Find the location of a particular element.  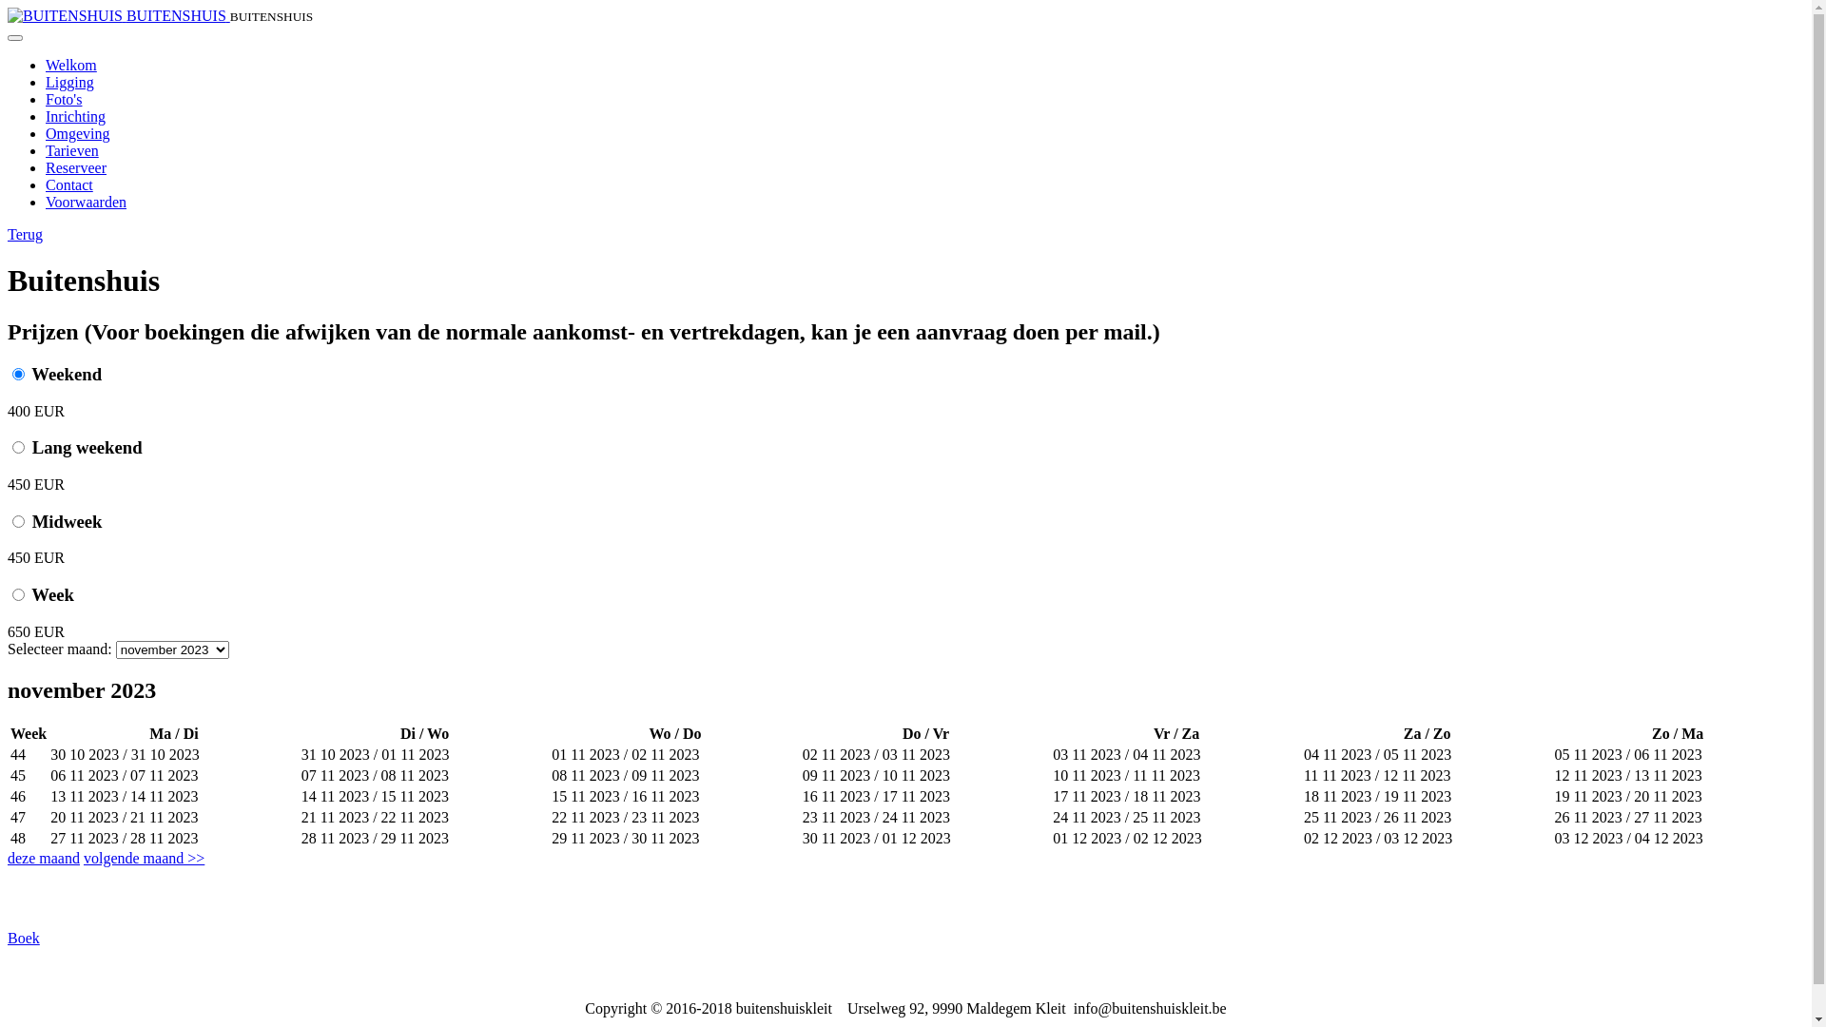

'Terug' is located at coordinates (8, 233).